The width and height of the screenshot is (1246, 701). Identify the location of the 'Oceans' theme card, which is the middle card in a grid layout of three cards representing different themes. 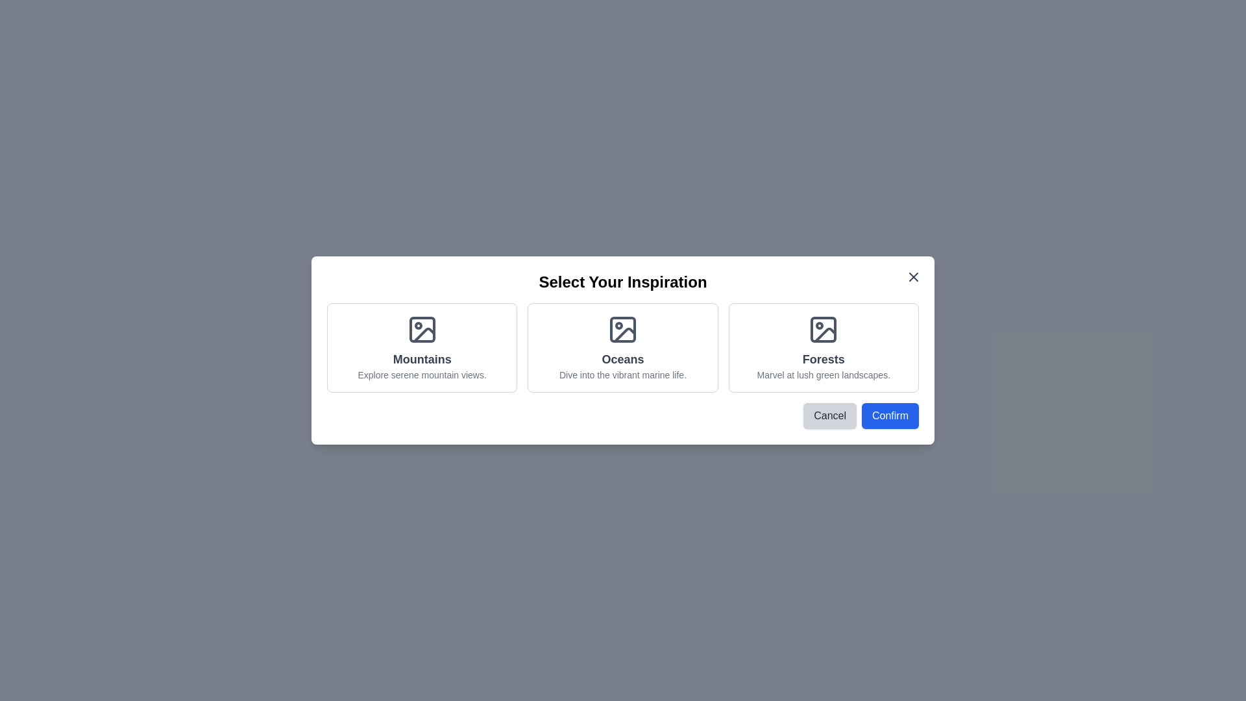
(623, 347).